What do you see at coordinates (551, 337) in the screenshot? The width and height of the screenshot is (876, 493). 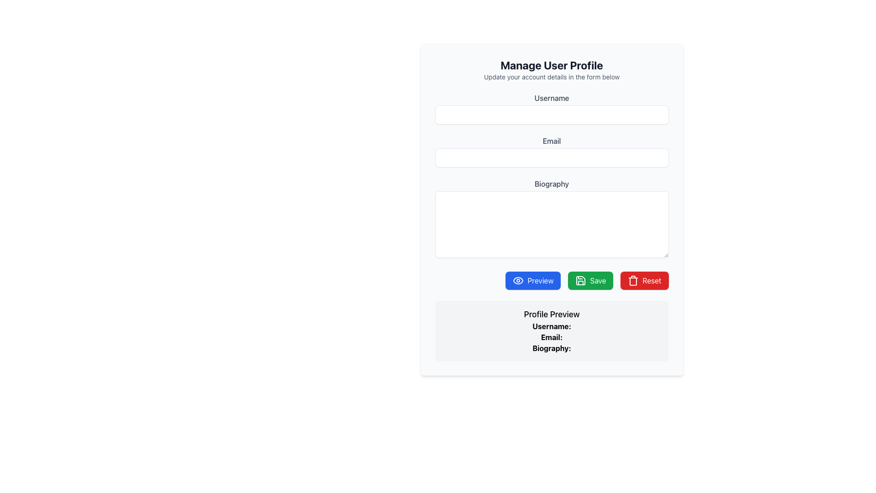 I see `the label displaying the user's email in the 'Profile Preview' section, which is positioned next to 'Username:' and above 'Biography:'` at bounding box center [551, 337].